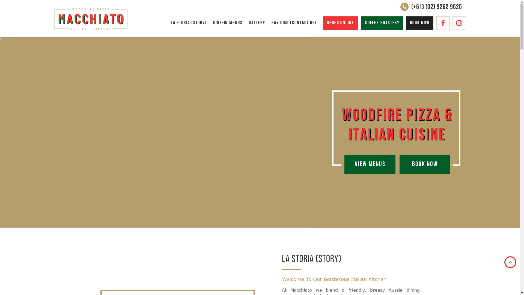 Image resolution: width=524 pixels, height=295 pixels. What do you see at coordinates (370, 164) in the screenshot?
I see `'View Menus'` at bounding box center [370, 164].